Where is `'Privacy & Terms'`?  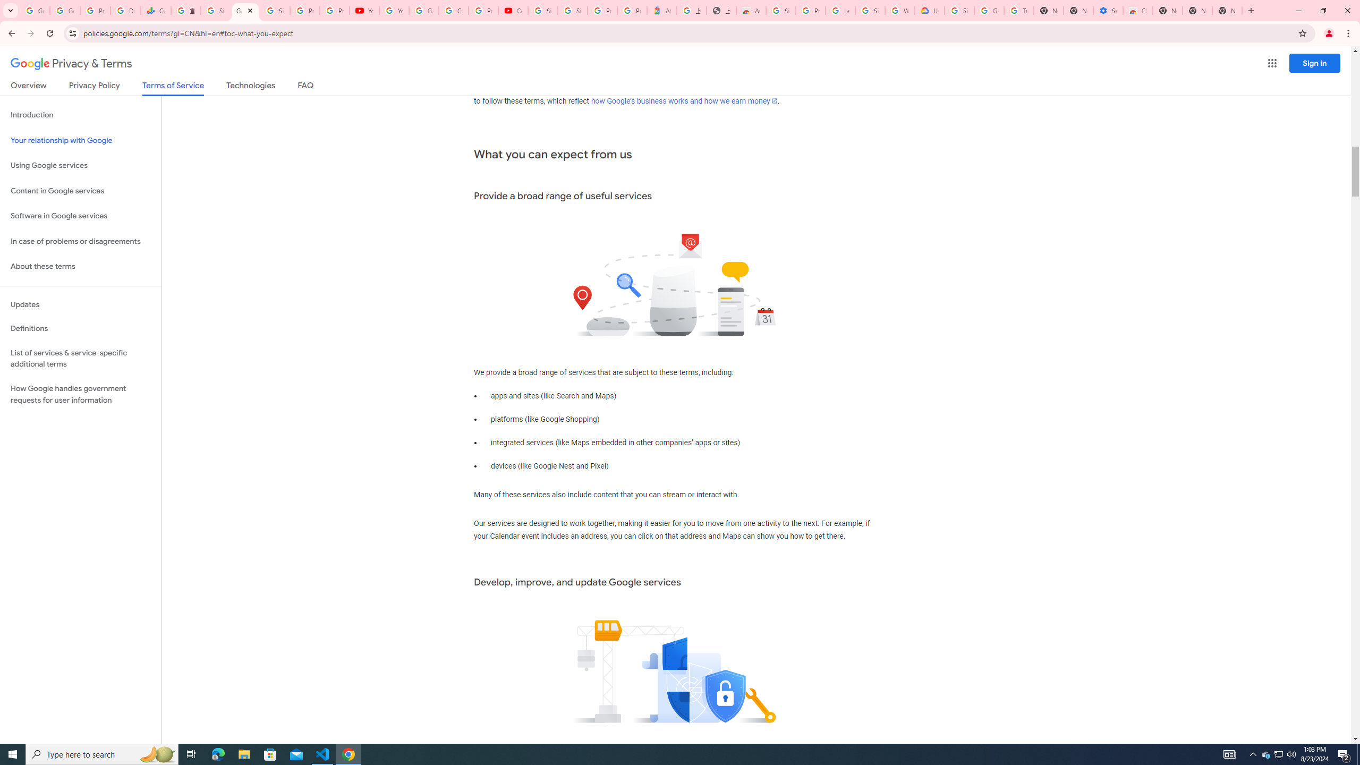 'Privacy & Terms' is located at coordinates (71, 63).